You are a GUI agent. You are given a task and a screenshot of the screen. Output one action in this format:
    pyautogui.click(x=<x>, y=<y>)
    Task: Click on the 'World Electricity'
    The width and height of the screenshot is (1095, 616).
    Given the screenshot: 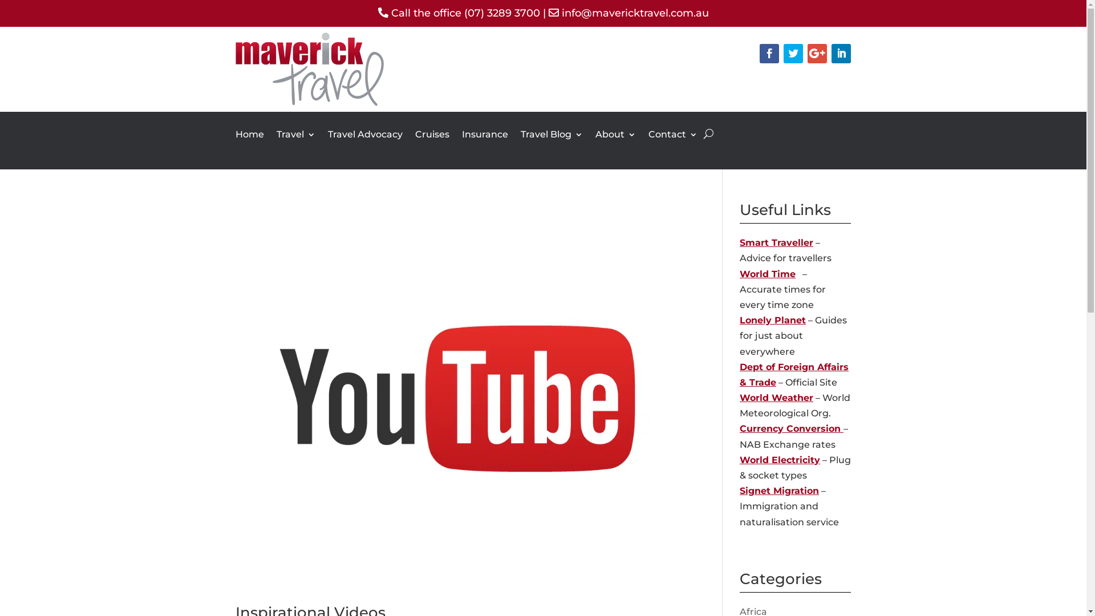 What is the action you would take?
    pyautogui.click(x=779, y=459)
    